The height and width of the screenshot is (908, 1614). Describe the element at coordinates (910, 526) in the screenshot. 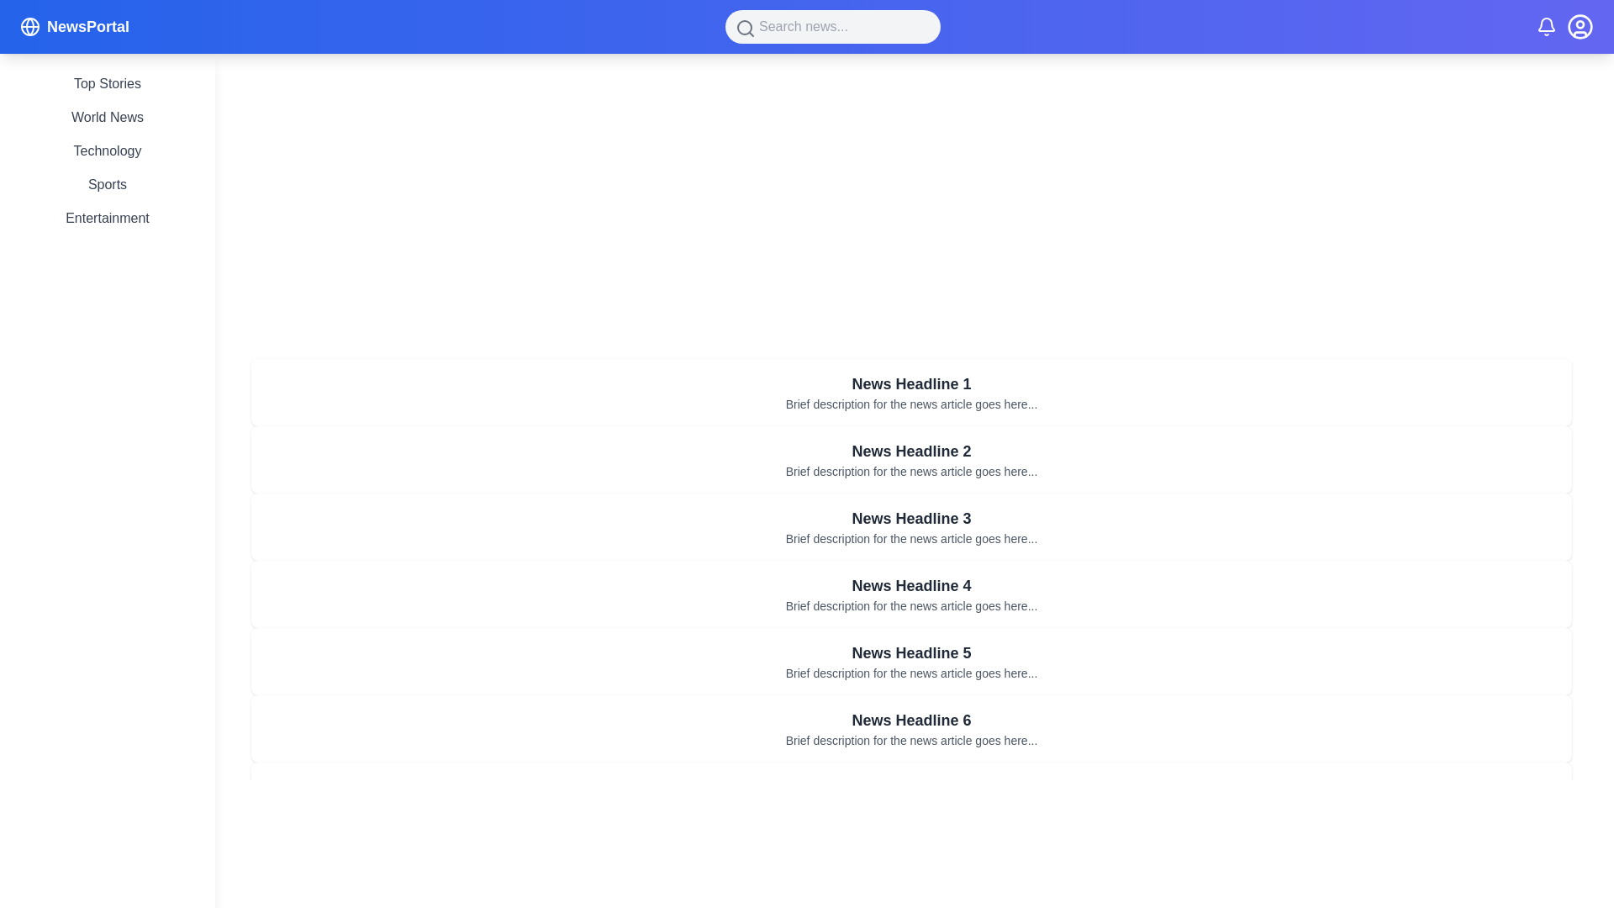

I see `the third news article card which displays a distinct news headline and a brief description, located centrally in the page layout` at that location.